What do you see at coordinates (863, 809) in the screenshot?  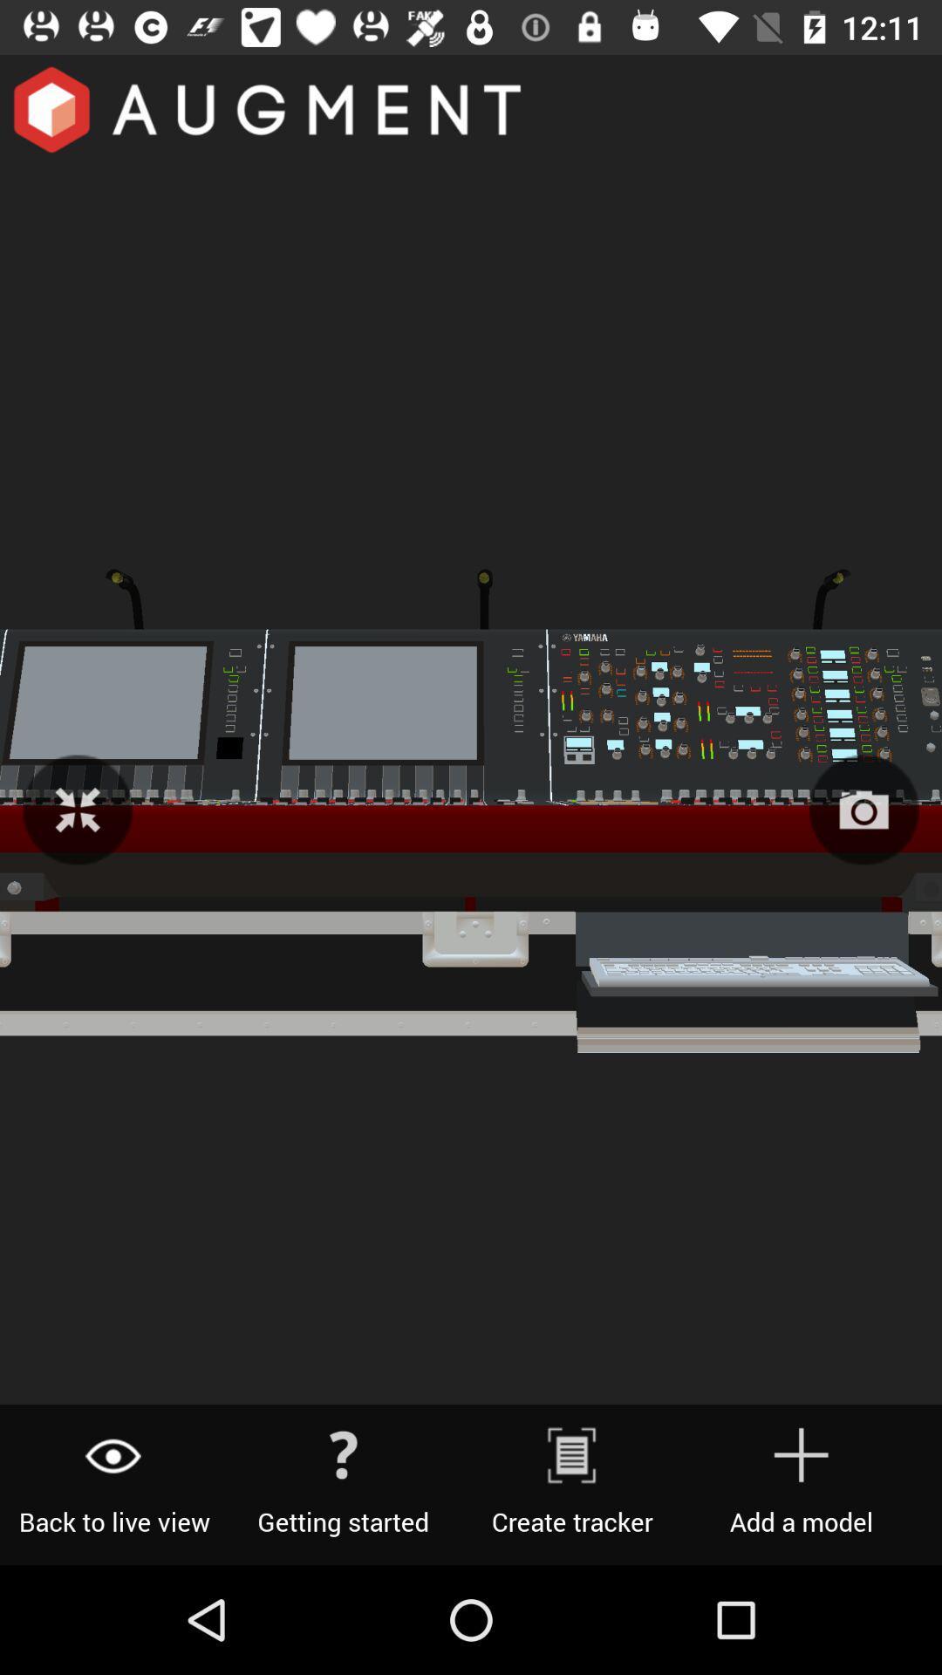 I see `take picture` at bounding box center [863, 809].